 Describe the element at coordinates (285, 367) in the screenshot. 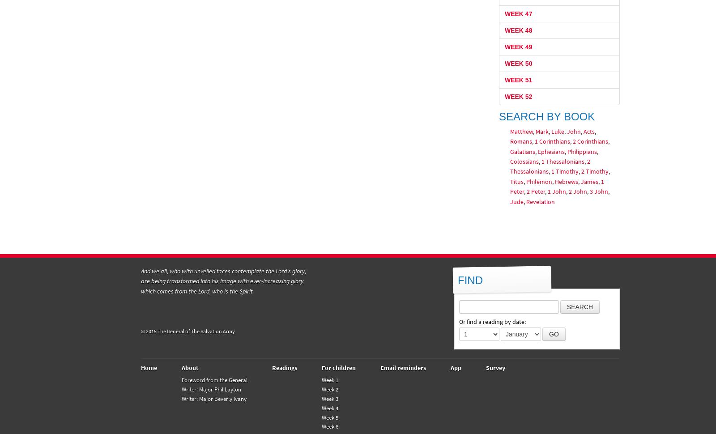

I see `'Readings'` at that location.